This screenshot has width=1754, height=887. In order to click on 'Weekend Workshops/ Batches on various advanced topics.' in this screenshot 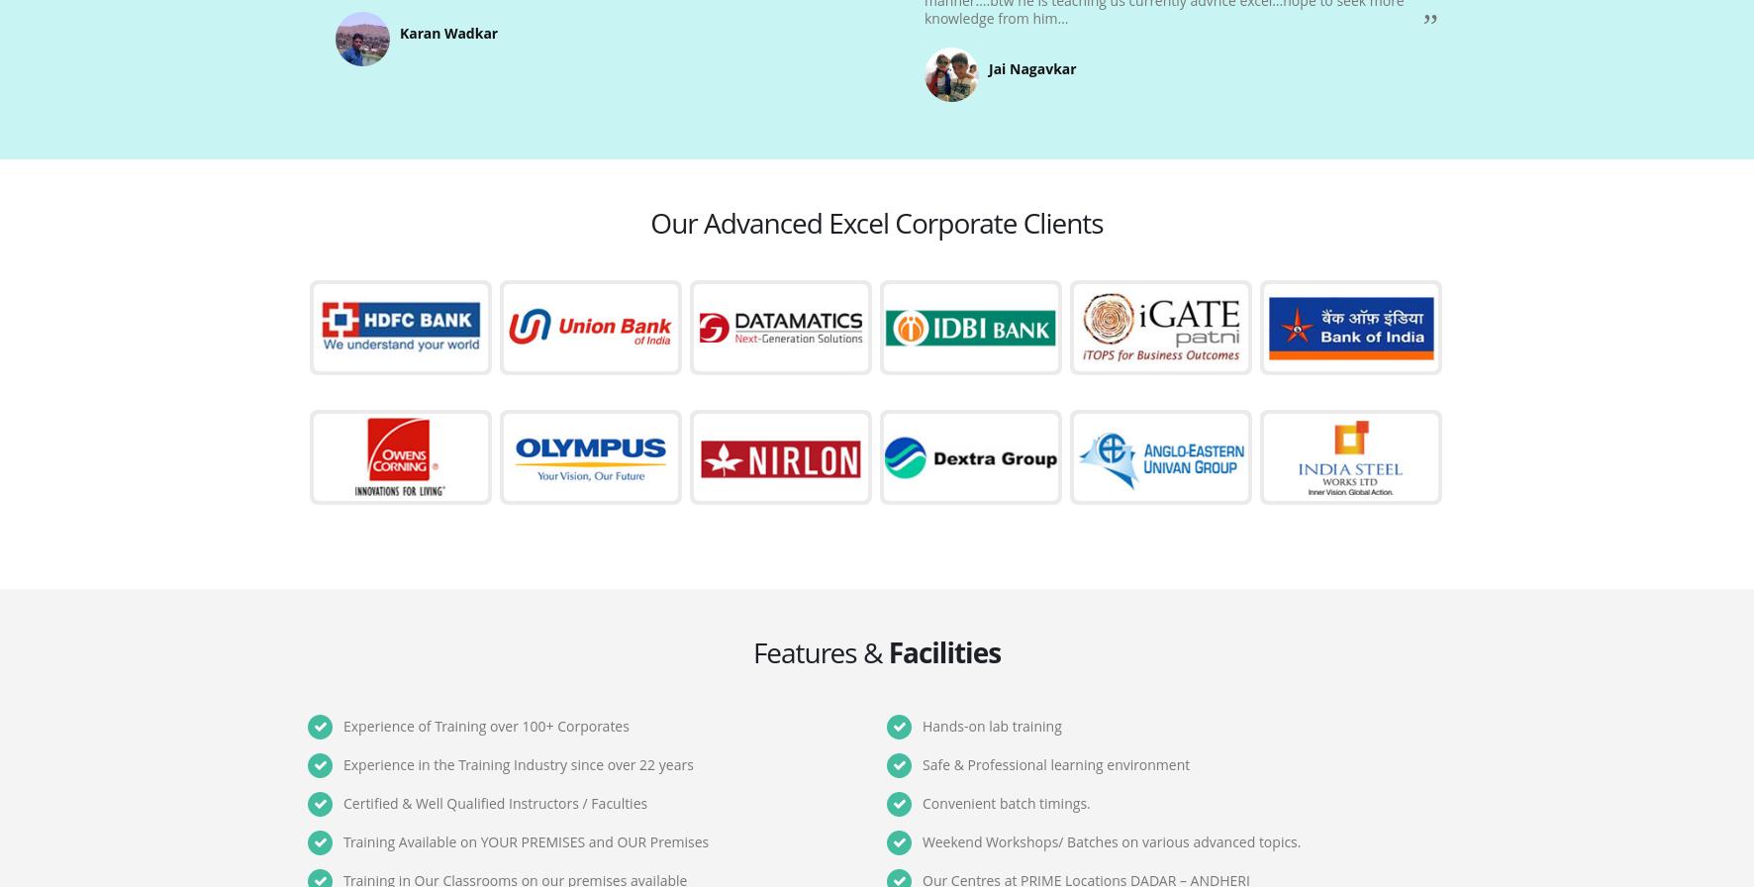, I will do `click(1110, 841)`.